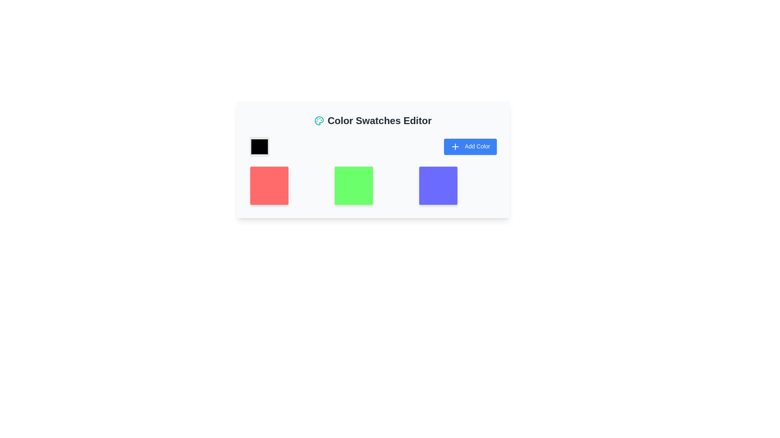 Image resolution: width=780 pixels, height=438 pixels. What do you see at coordinates (404, 174) in the screenshot?
I see `the 'delete' button located near the bottom-right of the green swatch to potentially reveal more options` at bounding box center [404, 174].